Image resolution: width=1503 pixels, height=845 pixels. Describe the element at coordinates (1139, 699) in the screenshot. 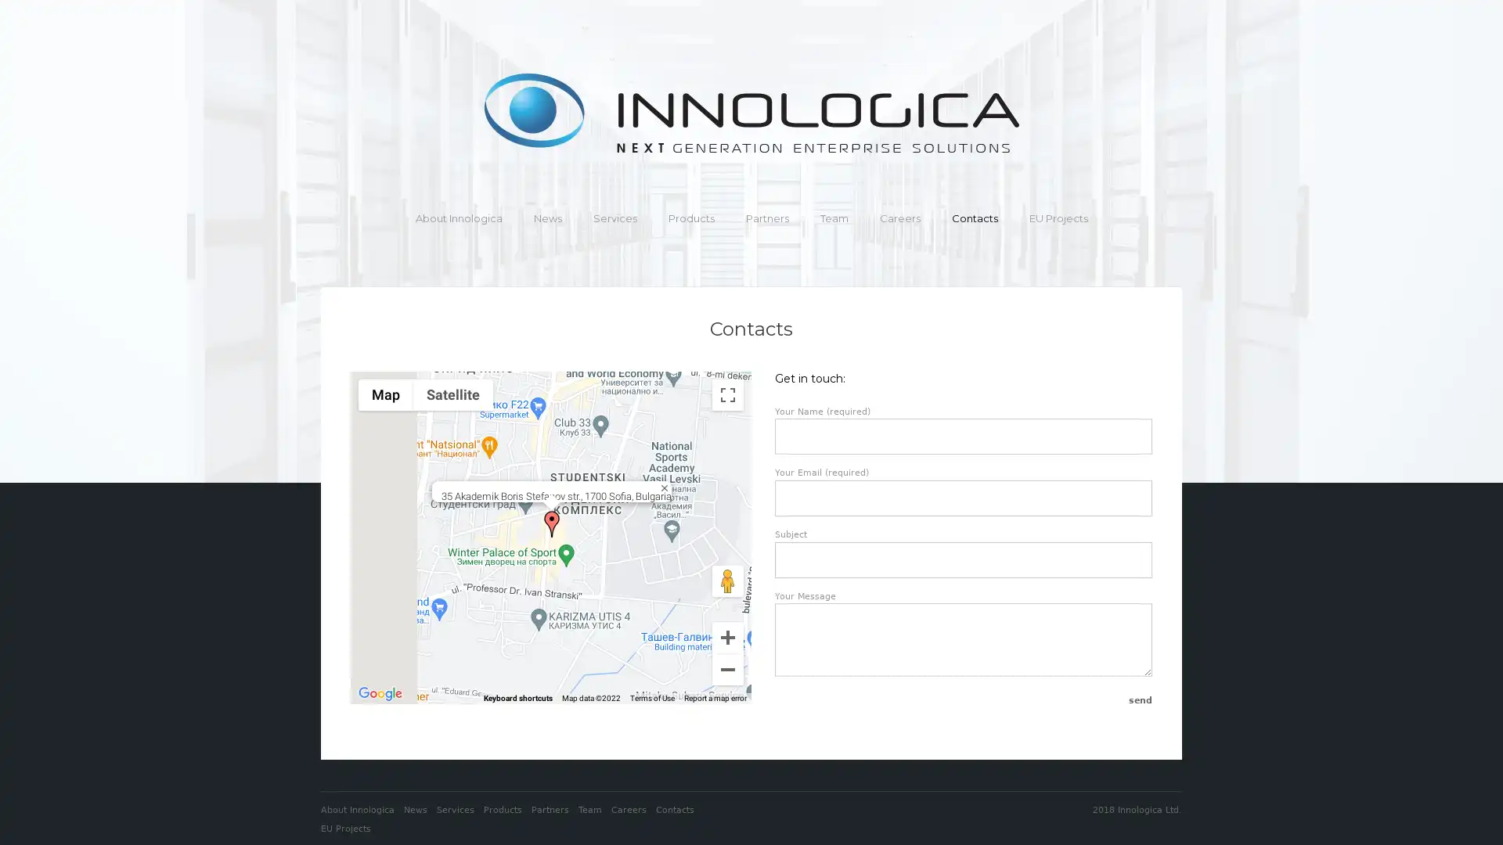

I see `Send` at that location.